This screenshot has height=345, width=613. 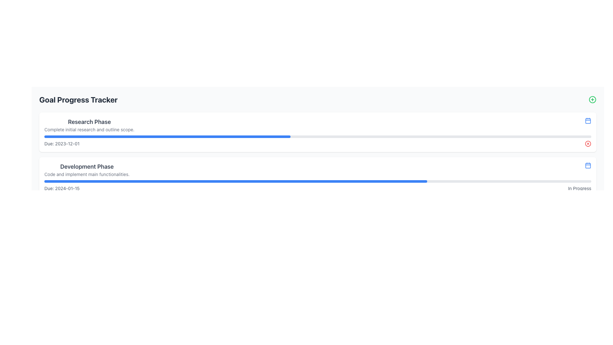 What do you see at coordinates (588, 144) in the screenshot?
I see `the deletion or cancellation button located in the 'Due: 2023-12-01' section of the 'Research Phase' task in the 'Goal Progress Tracker'` at bounding box center [588, 144].